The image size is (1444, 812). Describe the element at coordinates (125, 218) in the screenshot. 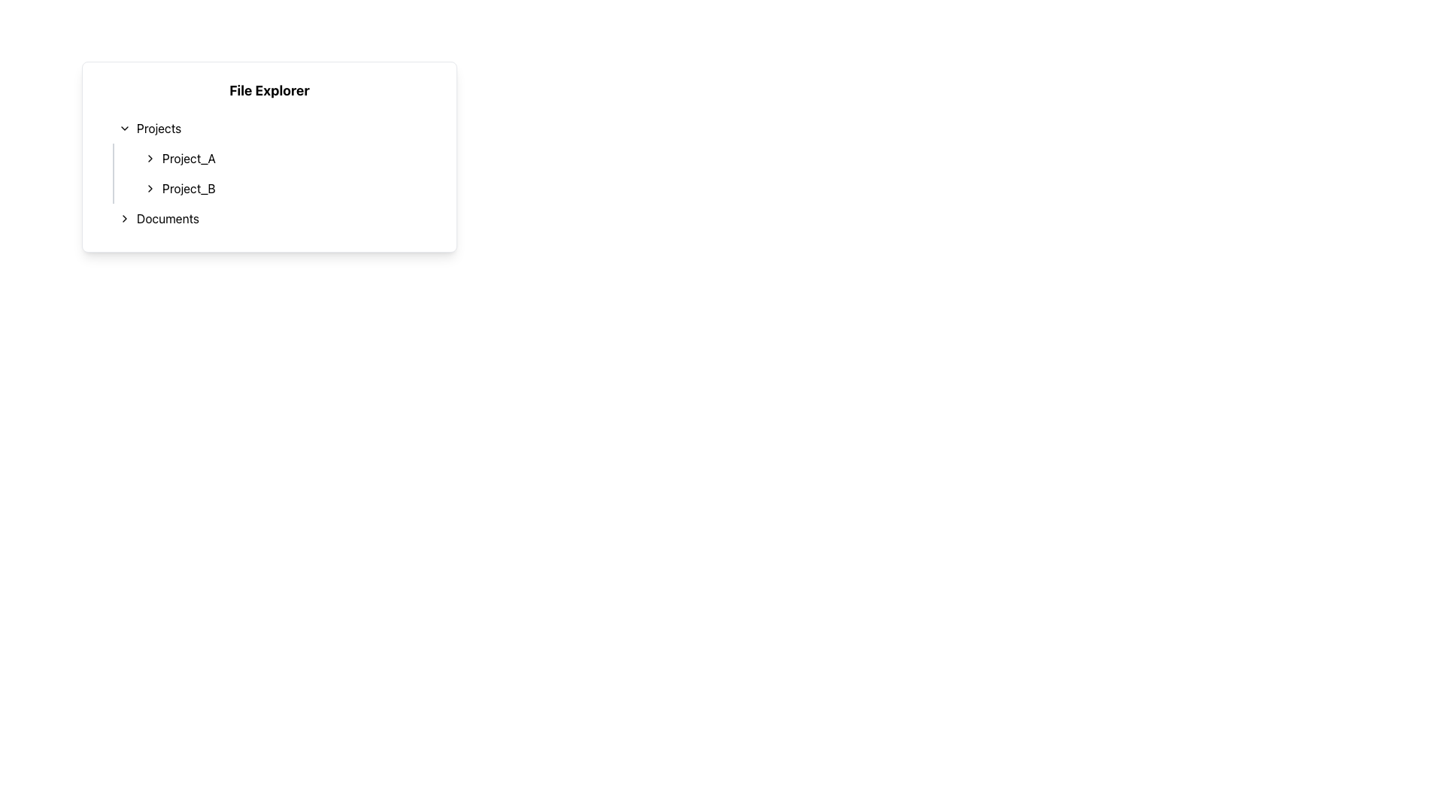

I see `the chevron icon that indicates the expand/collapse functionality for the 'Documents' item in the navigation list` at that location.